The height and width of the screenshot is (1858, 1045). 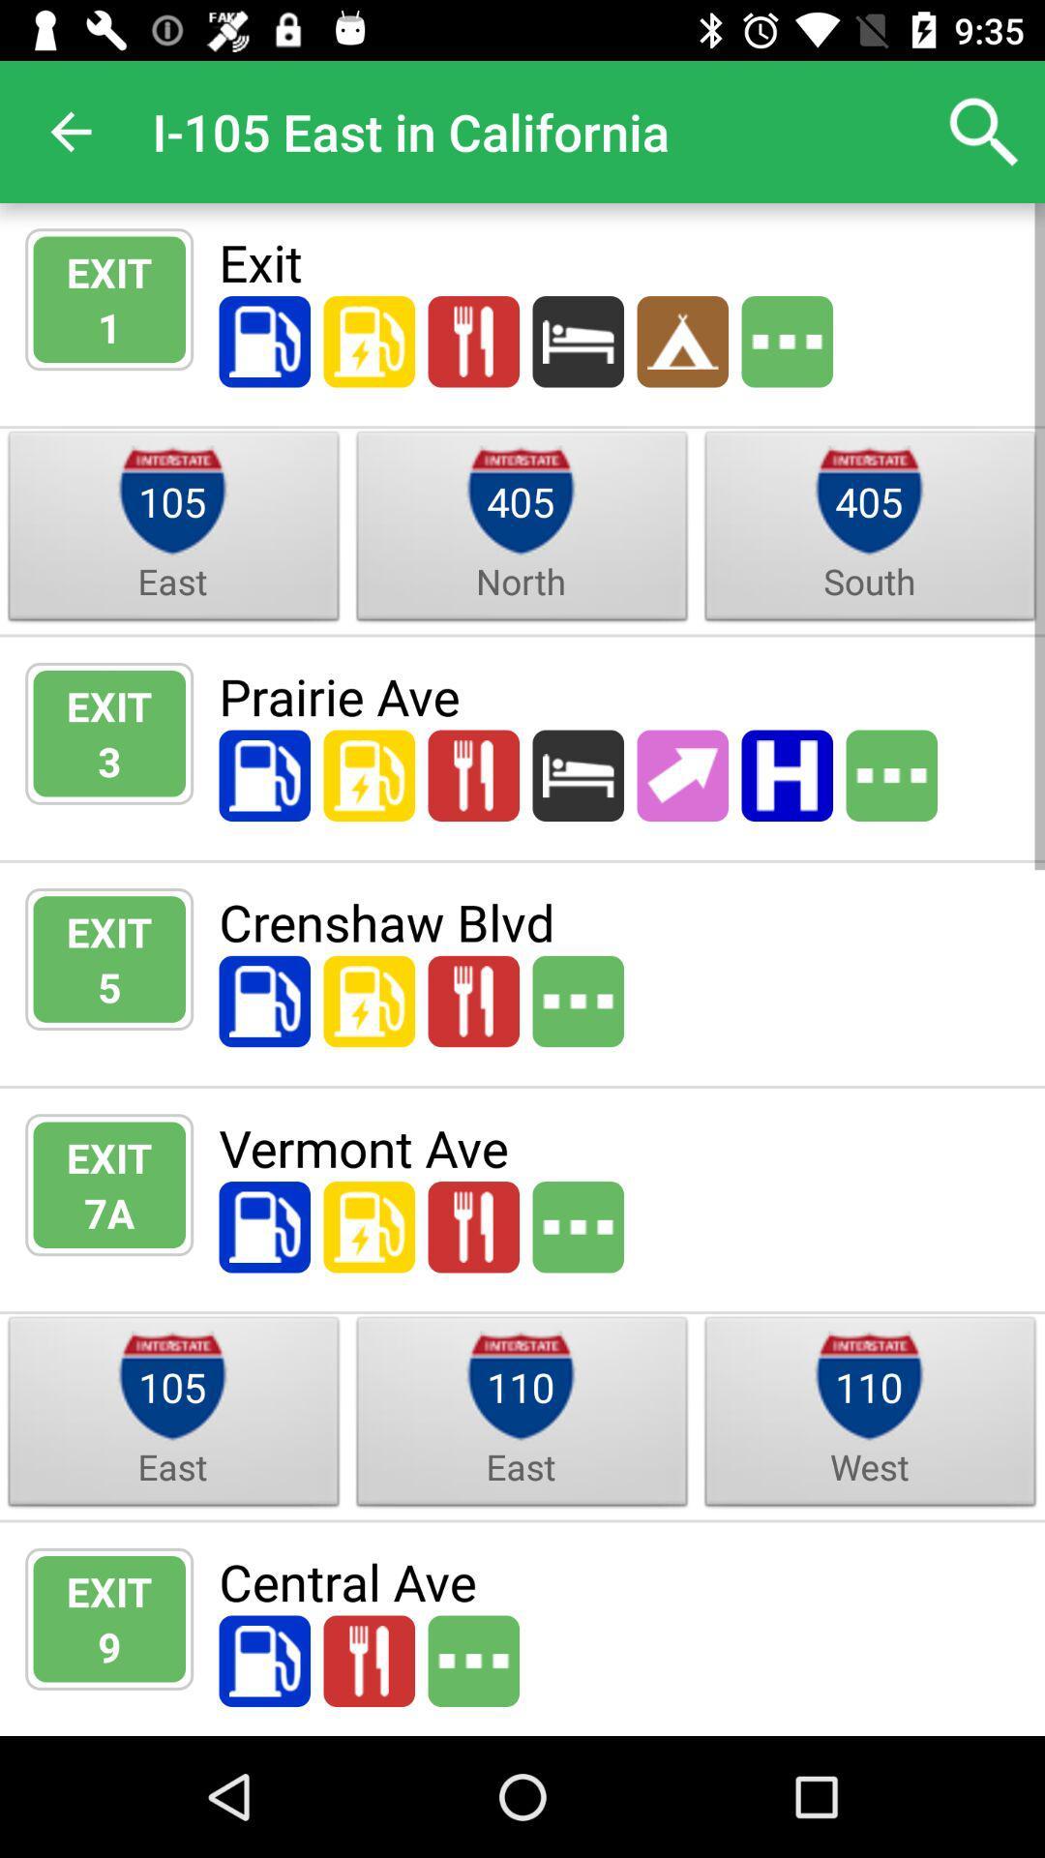 What do you see at coordinates (70, 131) in the screenshot?
I see `icon to the left of i 105 east icon` at bounding box center [70, 131].